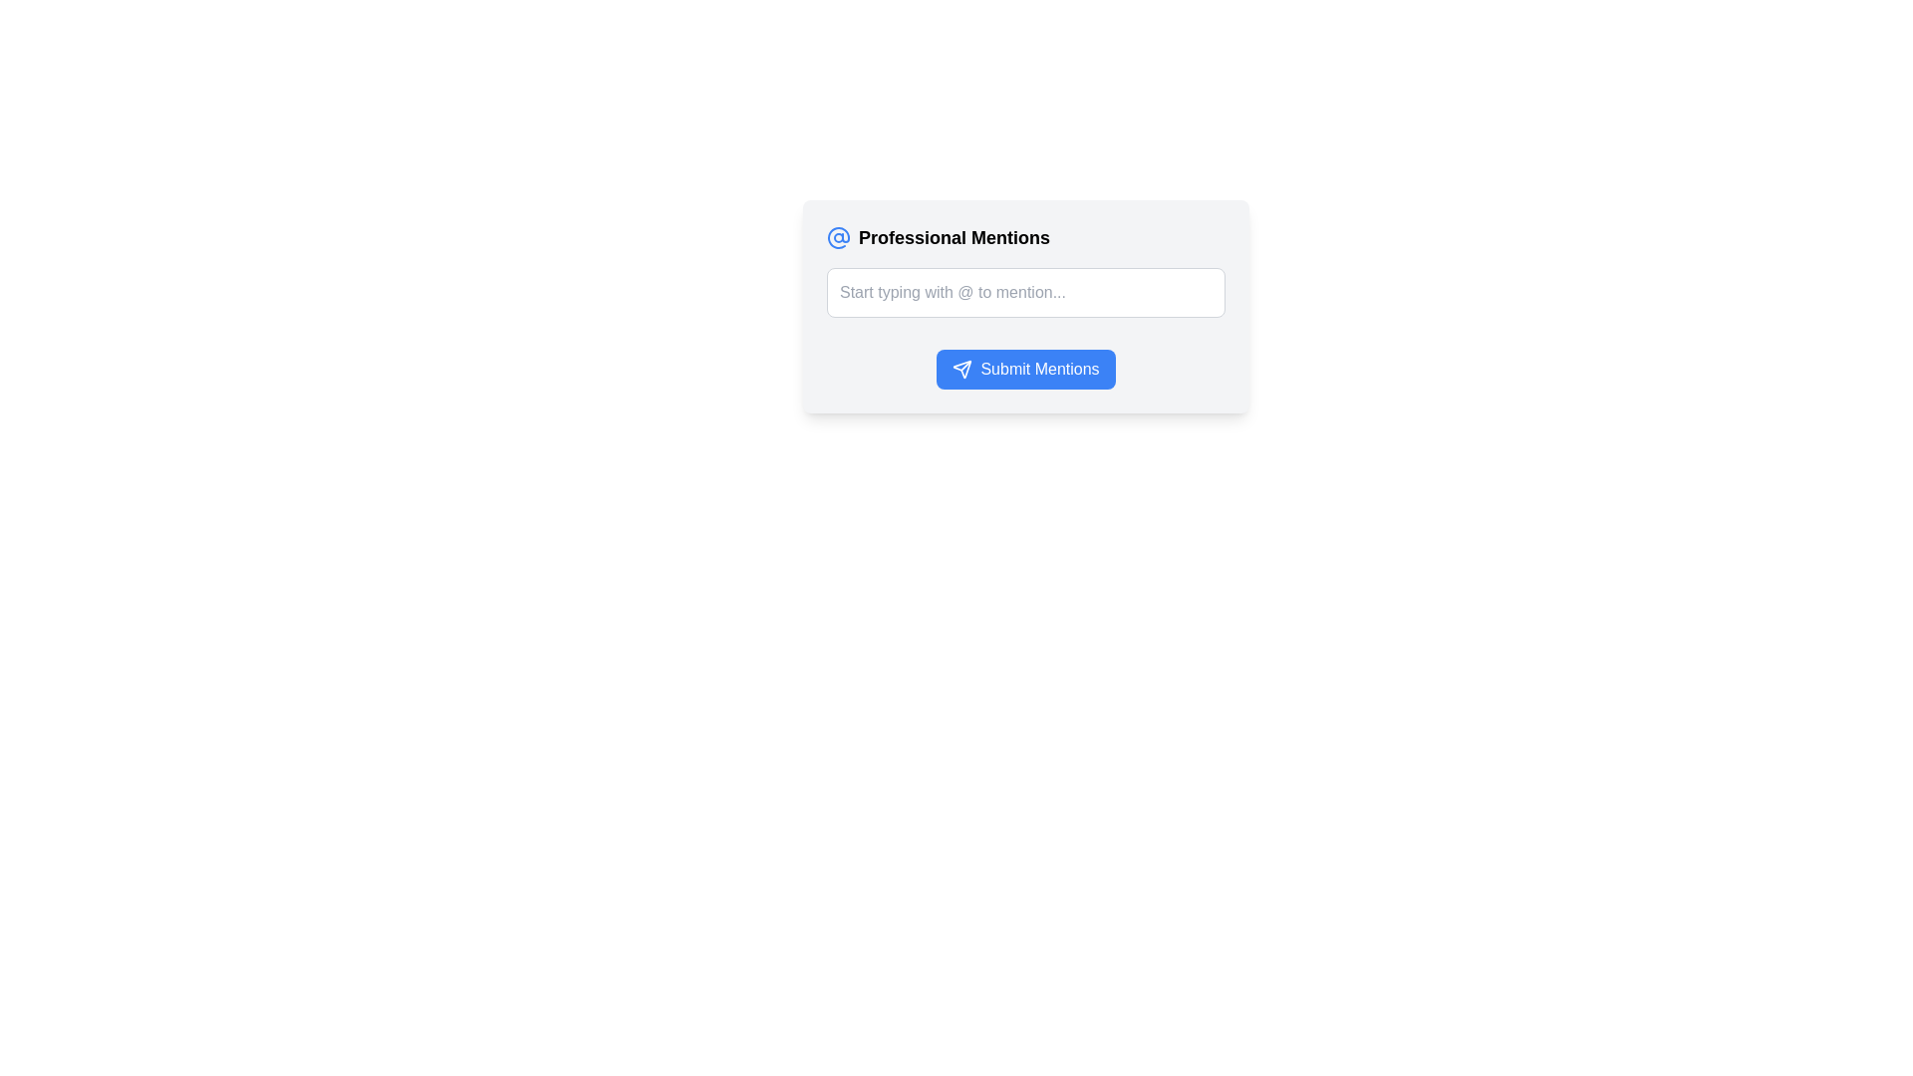 This screenshot has width=1913, height=1076. What do you see at coordinates (962, 369) in the screenshot?
I see `the SVG Icon located to the left of the 'Submit Mentions' button's label text to confirm and send mentions` at bounding box center [962, 369].